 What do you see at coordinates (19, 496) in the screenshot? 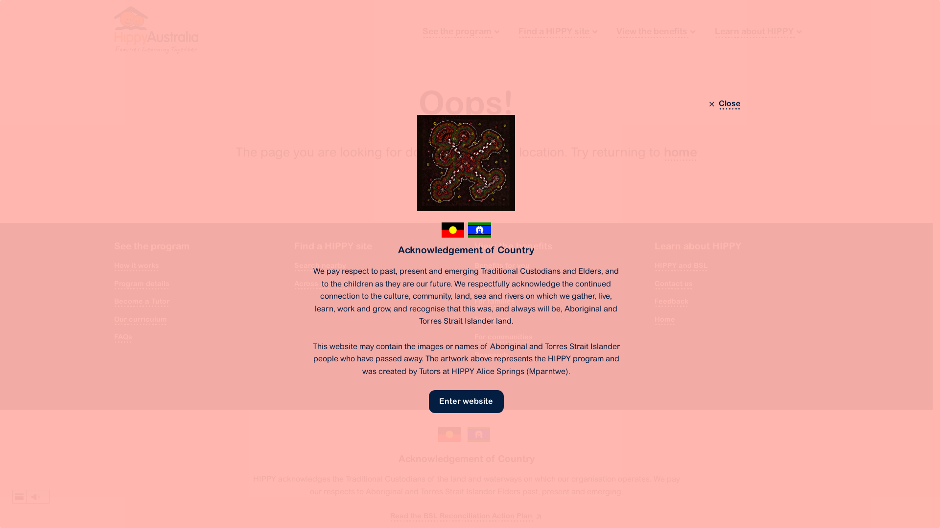
I see `'webReader menu'` at bounding box center [19, 496].